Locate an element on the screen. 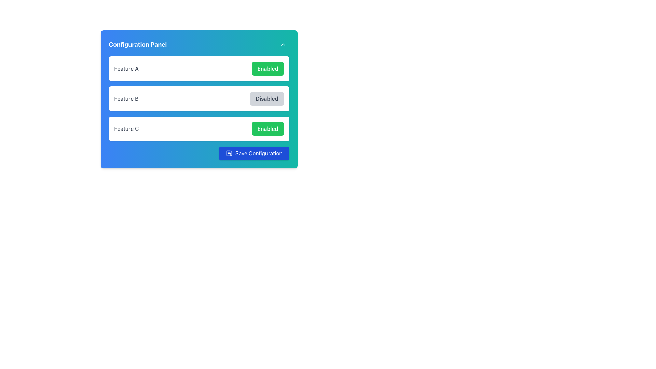  the blue save button located at the bottom-right corner of the 'Configuration Panel' is located at coordinates (254, 153).